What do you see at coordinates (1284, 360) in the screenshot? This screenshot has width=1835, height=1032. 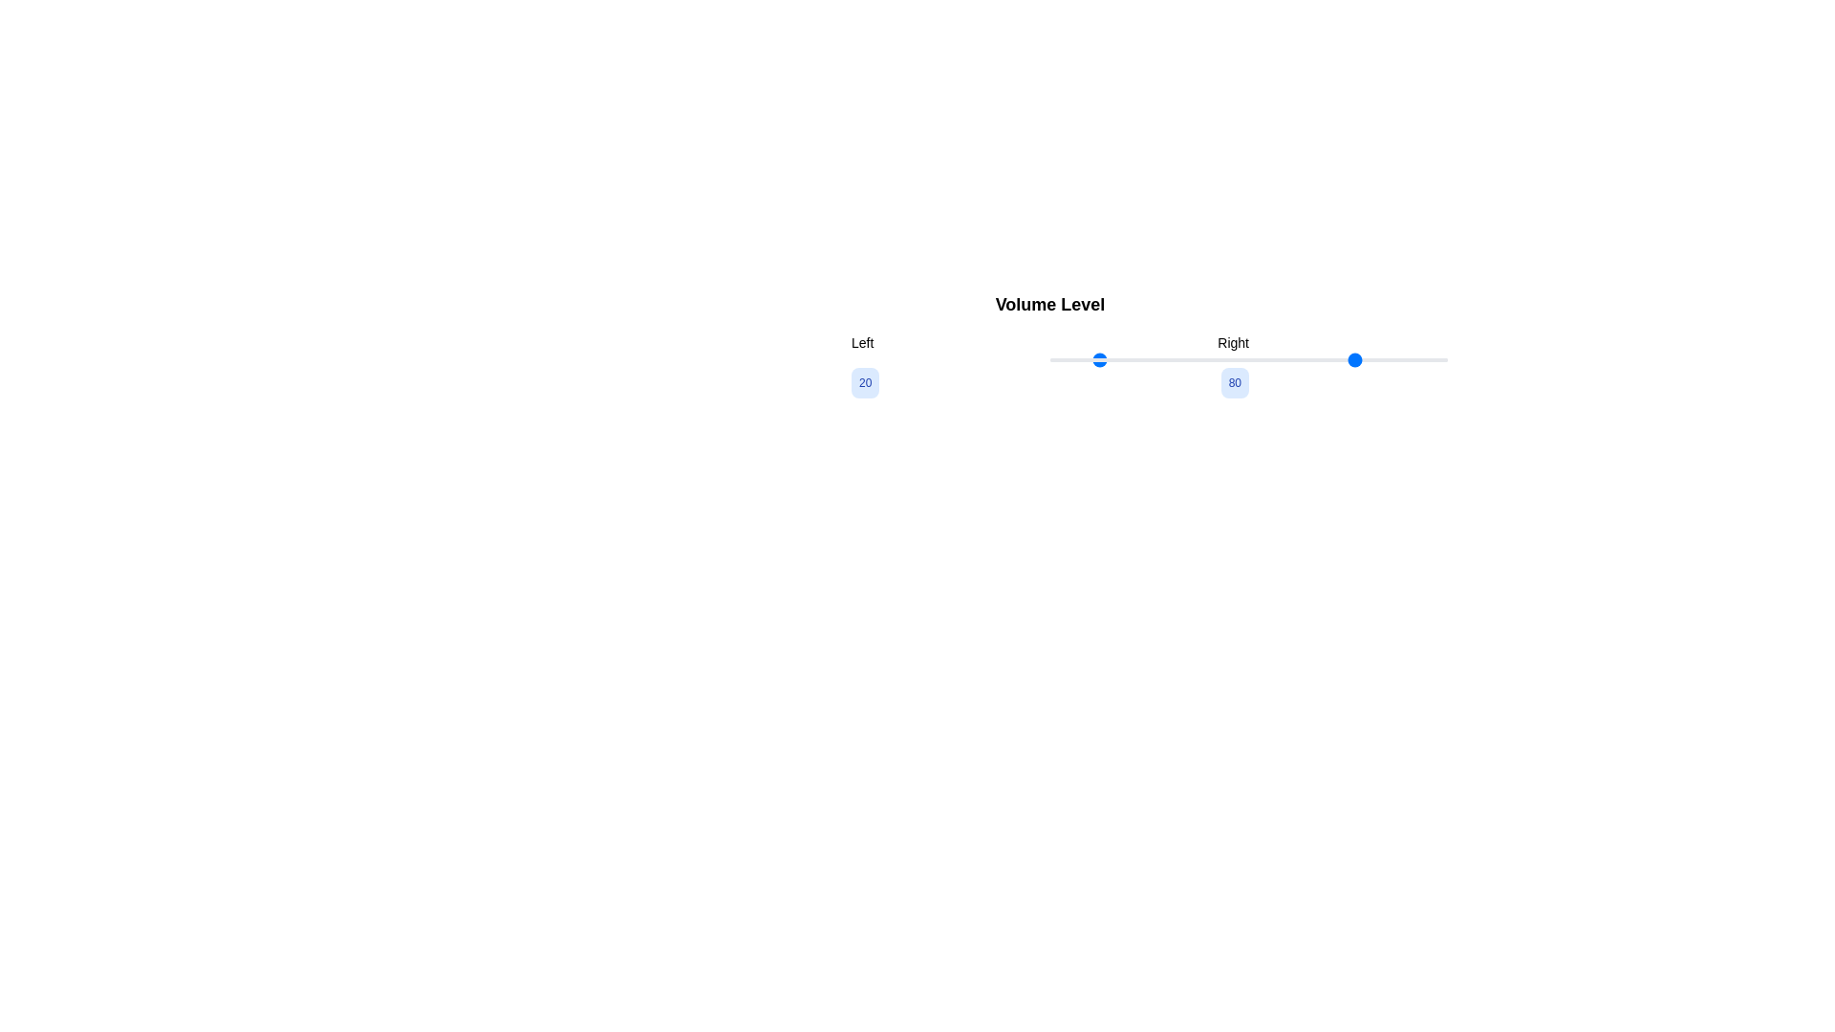 I see `the slider value` at bounding box center [1284, 360].